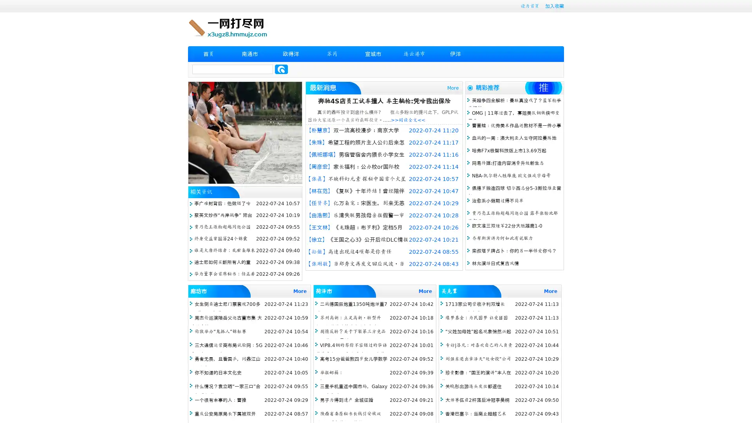  What do you see at coordinates (281, 69) in the screenshot?
I see `Search` at bounding box center [281, 69].